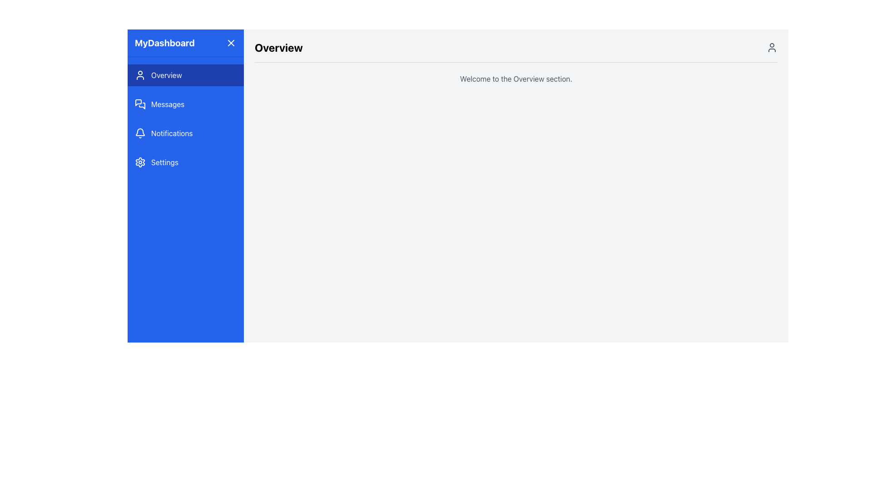  I want to click on the user profile icon located in the top-right corner of the interface, next to the 'Overview' heading, so click(771, 47).